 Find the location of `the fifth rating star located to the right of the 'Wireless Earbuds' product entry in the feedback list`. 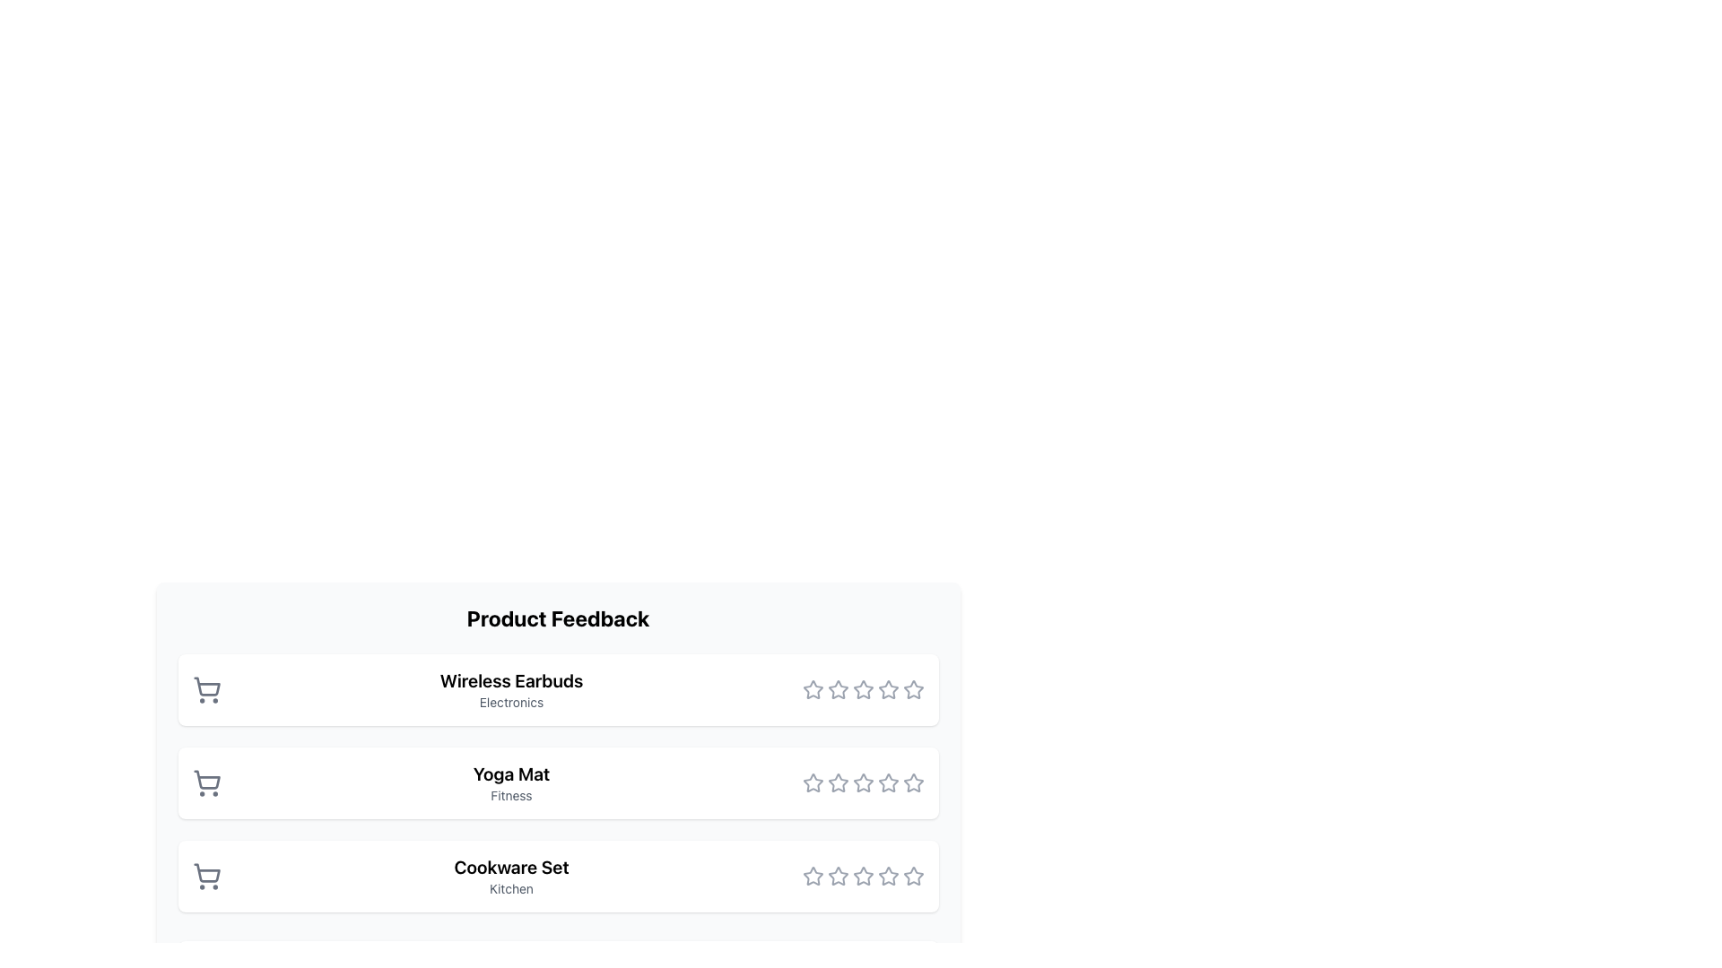

the fifth rating star located to the right of the 'Wireless Earbuds' product entry in the feedback list is located at coordinates (888, 689).